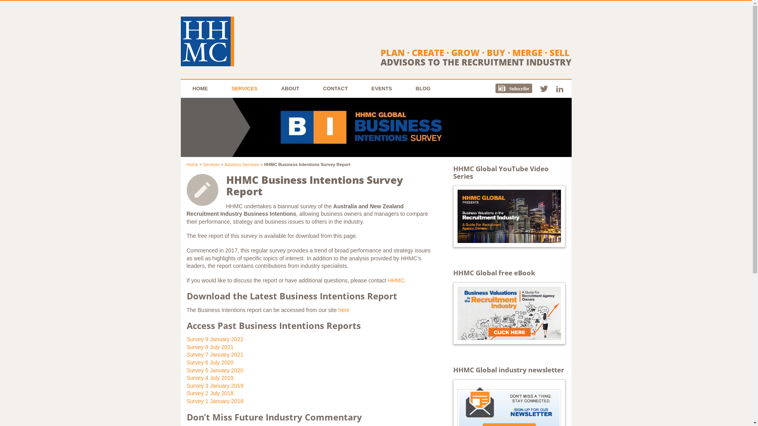  Describe the element at coordinates (310, 88) in the screenshot. I see `'CONTACT'` at that location.